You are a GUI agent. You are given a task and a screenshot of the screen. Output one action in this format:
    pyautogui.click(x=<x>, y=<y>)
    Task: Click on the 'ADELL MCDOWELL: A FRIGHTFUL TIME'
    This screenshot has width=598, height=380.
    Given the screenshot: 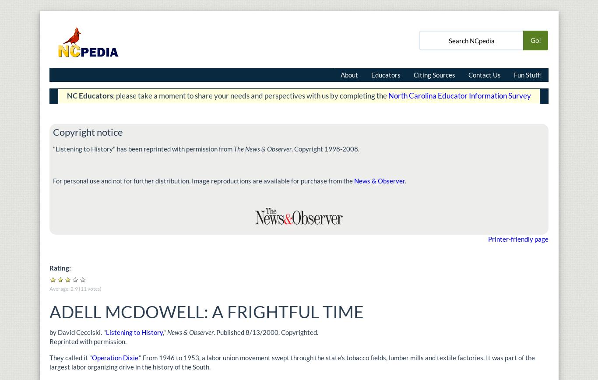 What is the action you would take?
    pyautogui.click(x=208, y=311)
    